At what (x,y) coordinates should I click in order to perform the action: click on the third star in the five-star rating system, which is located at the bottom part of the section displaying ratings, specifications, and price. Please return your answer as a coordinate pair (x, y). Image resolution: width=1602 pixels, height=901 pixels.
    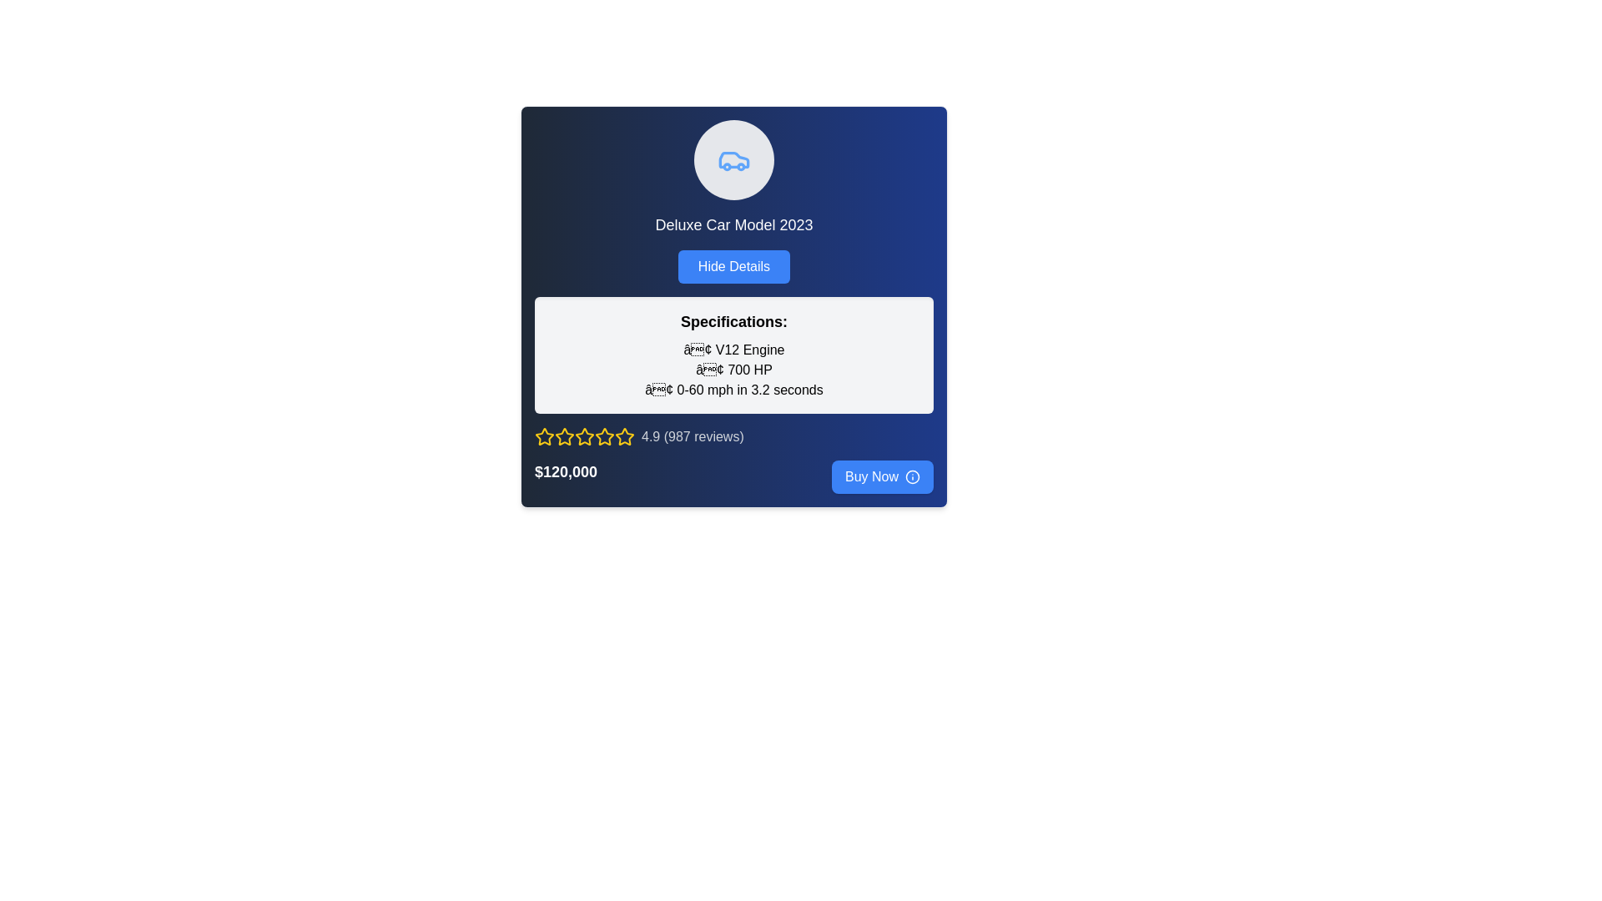
    Looking at the image, I should click on (584, 436).